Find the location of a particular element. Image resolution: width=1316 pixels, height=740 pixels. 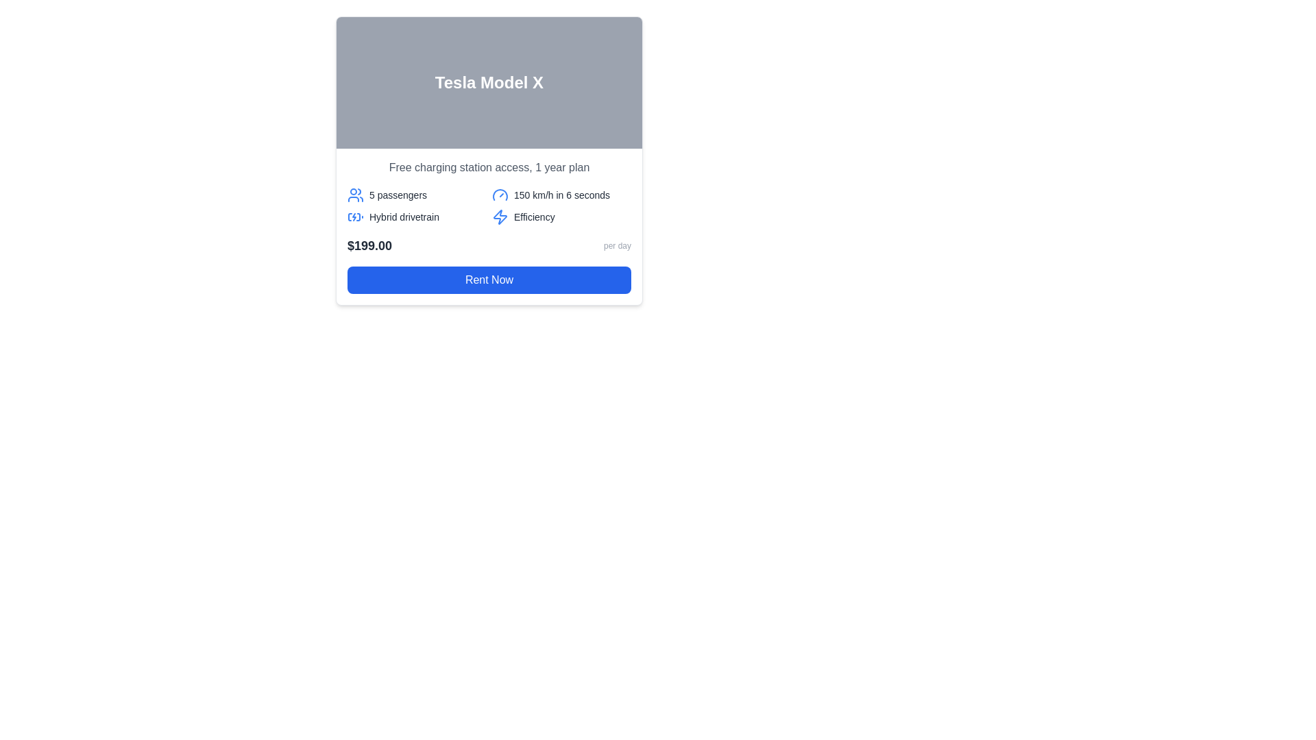

the static text display that shows 'Hybrid drivetrain', which is a gray text string positioned next to a battery icon, located below 'Tesla Model X' and 'Free charging station access, 1 year plan' is located at coordinates (404, 216).